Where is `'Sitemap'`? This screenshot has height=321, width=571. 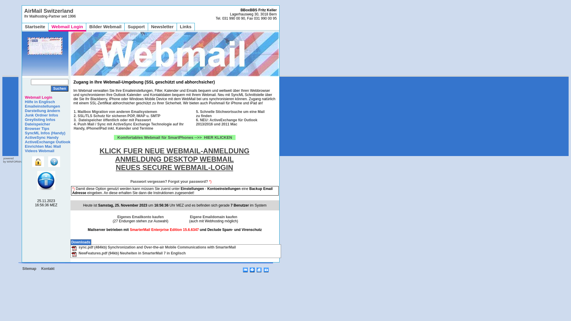 'Sitemap' is located at coordinates (29, 268).